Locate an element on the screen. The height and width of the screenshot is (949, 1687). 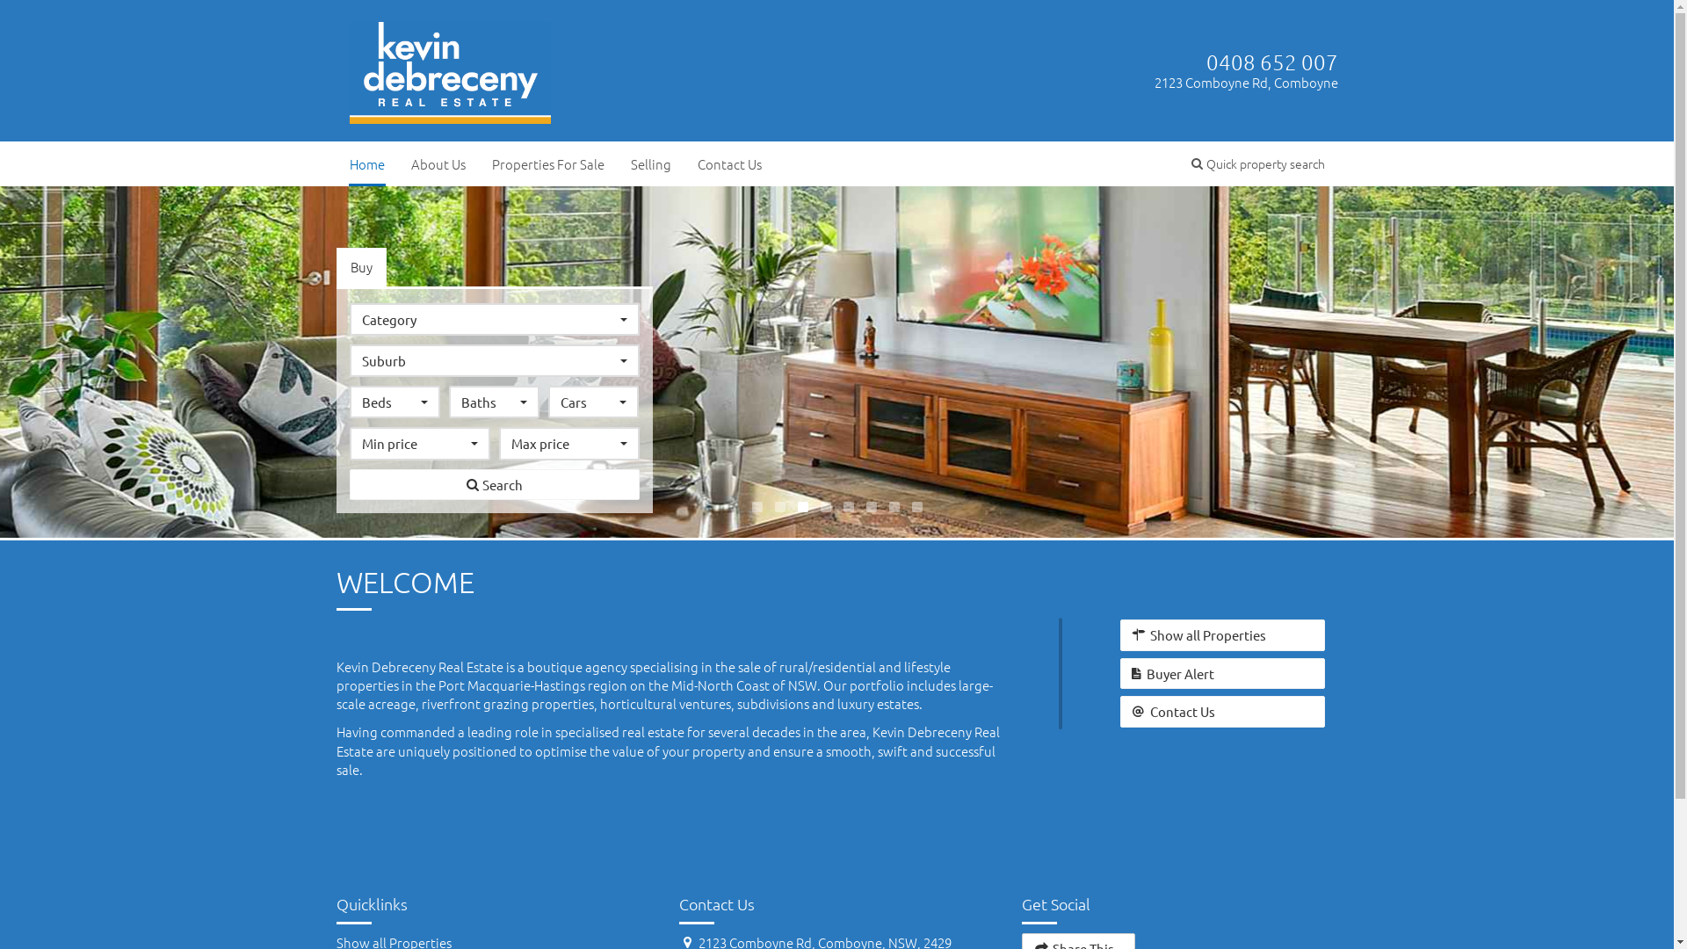
'Beds is located at coordinates (394, 402).